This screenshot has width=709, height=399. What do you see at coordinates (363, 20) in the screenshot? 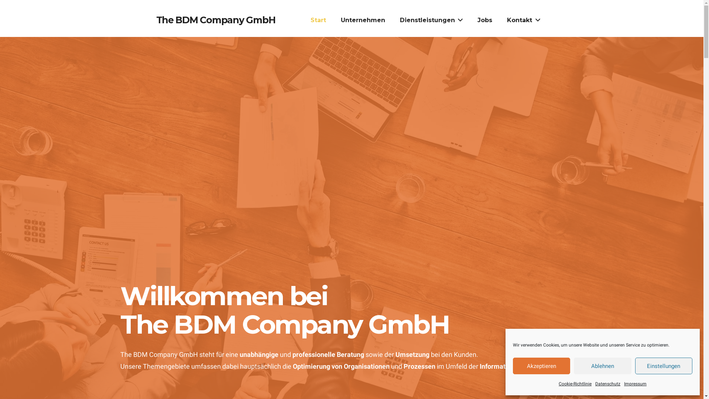
I see `'Unternehmen'` at bounding box center [363, 20].